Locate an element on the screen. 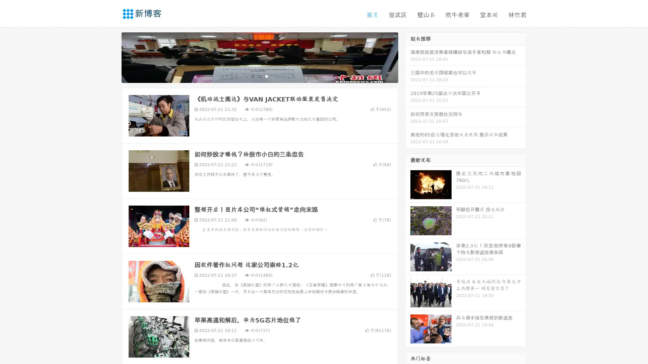 Image resolution: width=648 pixels, height=364 pixels. Go to slide 3 is located at coordinates (266, 76).